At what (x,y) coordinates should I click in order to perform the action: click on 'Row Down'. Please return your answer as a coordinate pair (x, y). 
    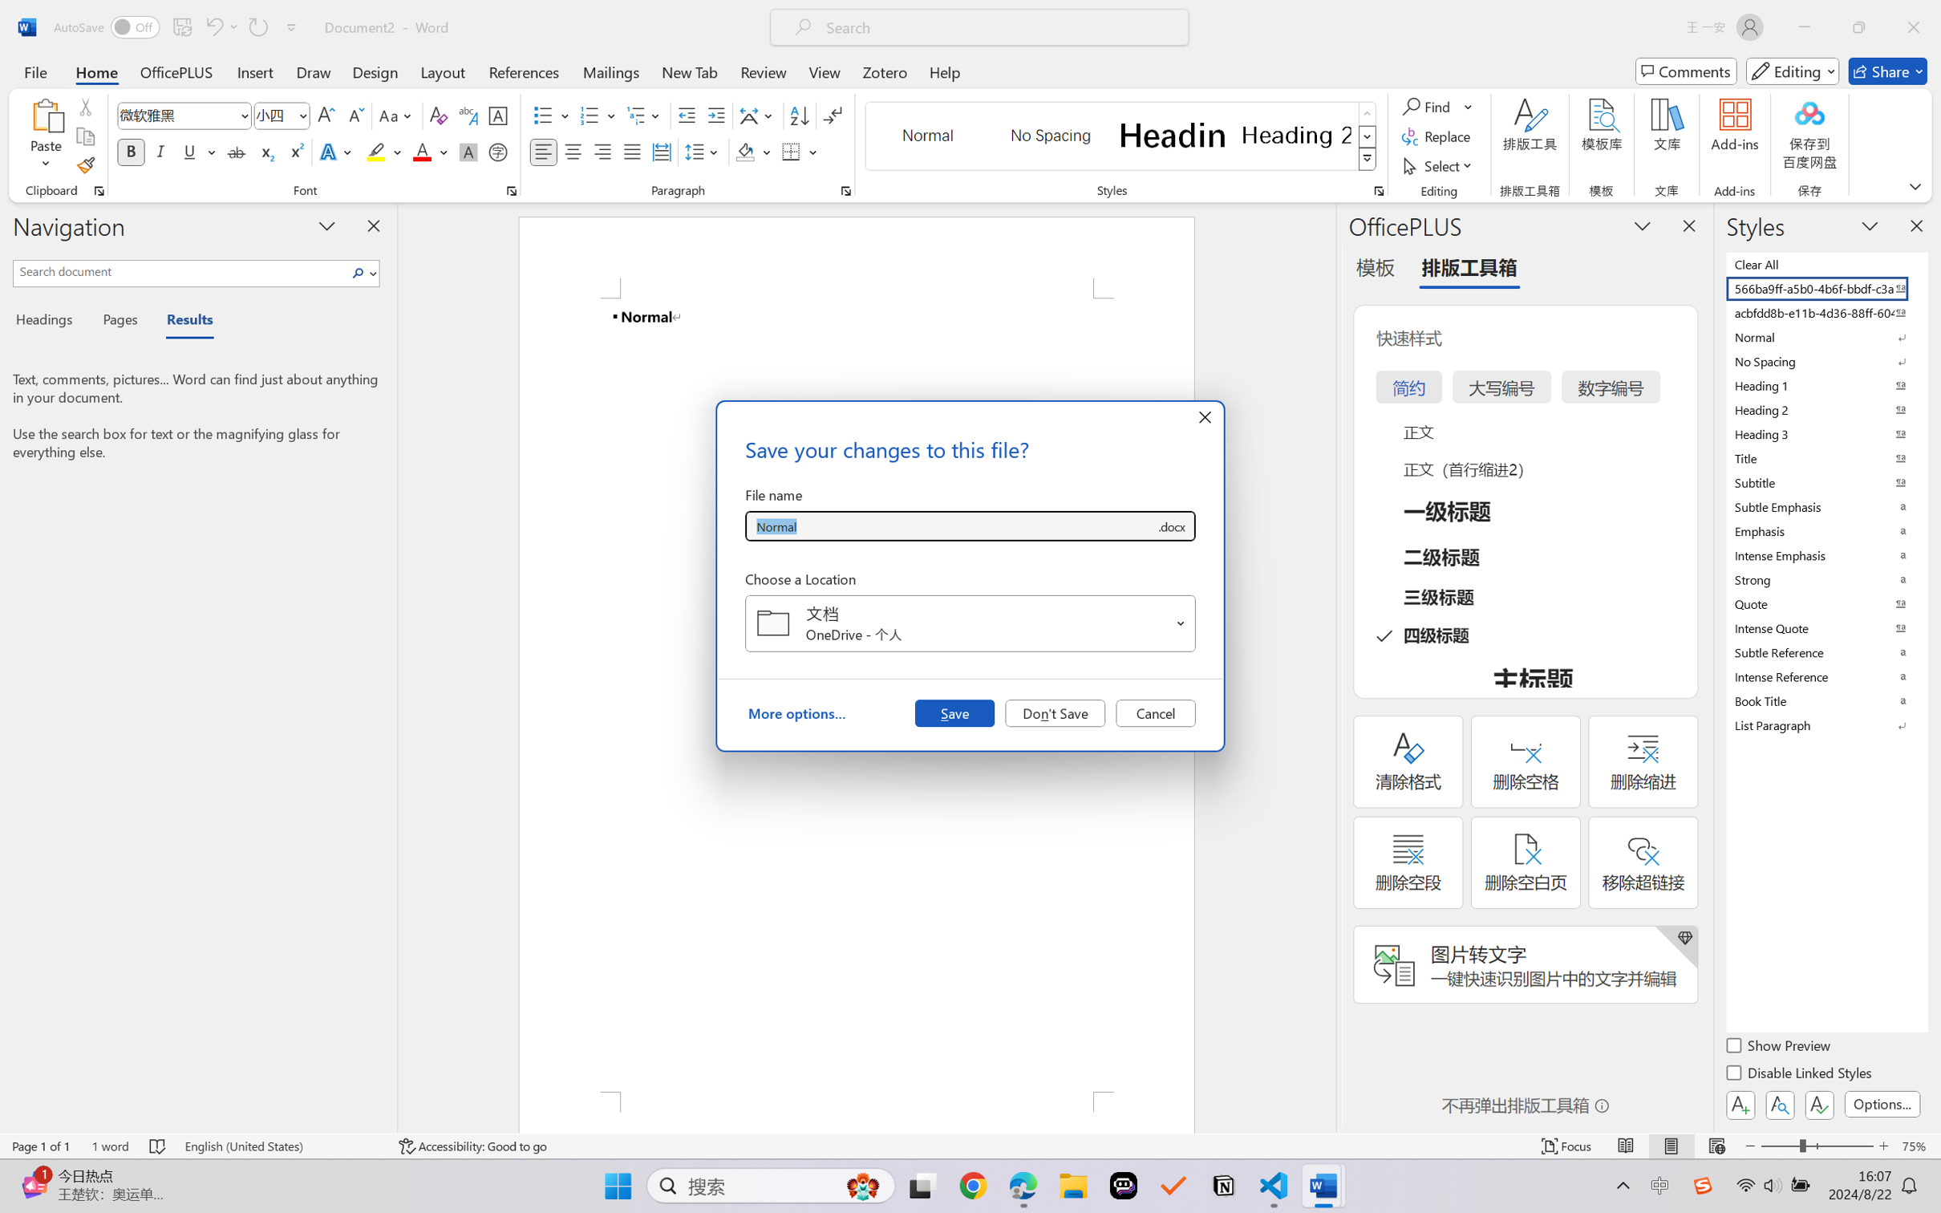
    Looking at the image, I should click on (1366, 136).